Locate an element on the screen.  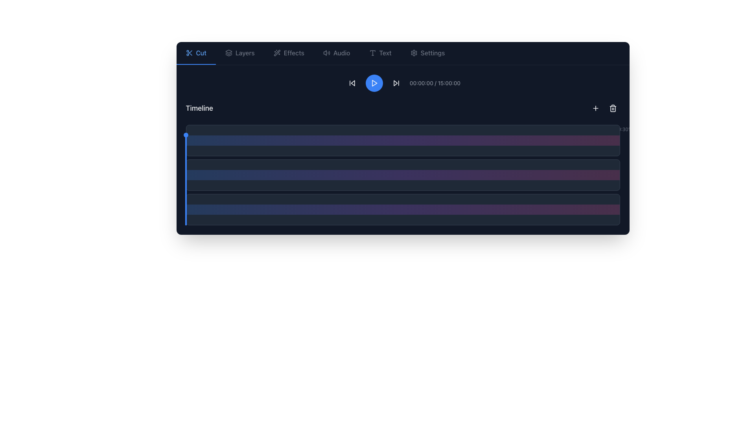
the interactive button located at the top-right corner of the timeline section, which is the first of two sibling buttons is located at coordinates (595, 108).